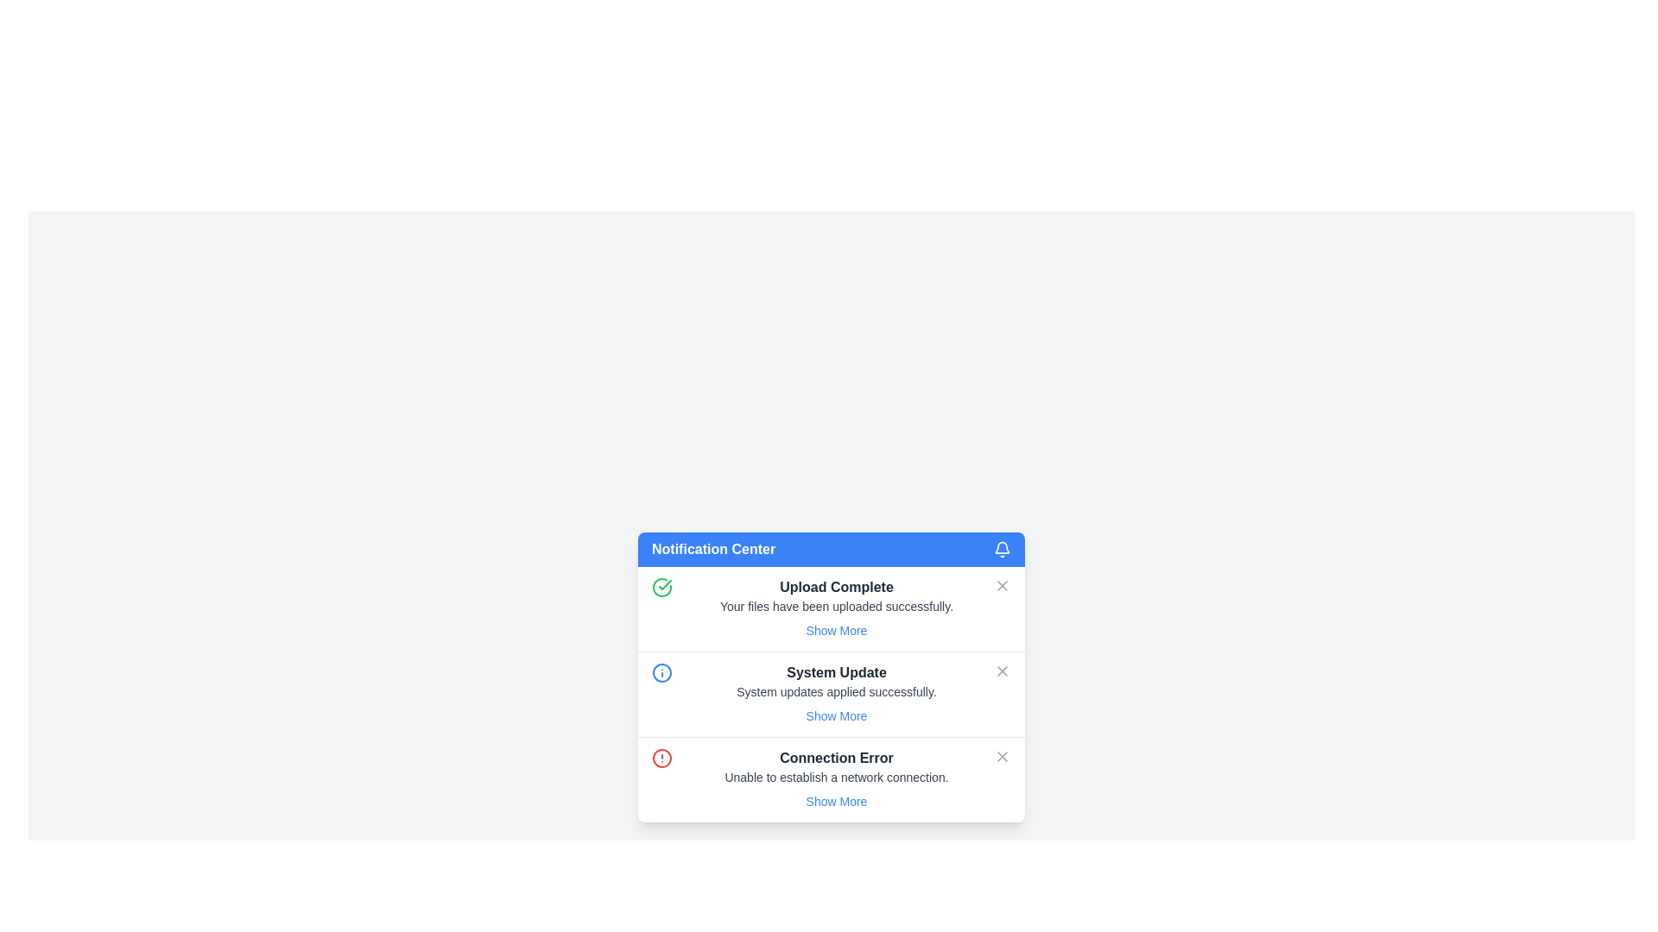  What do you see at coordinates (713, 549) in the screenshot?
I see `the 'Notification Center' text label which is displayed in bold on a blue background, located in the notification header, to the left of the bell icon` at bounding box center [713, 549].